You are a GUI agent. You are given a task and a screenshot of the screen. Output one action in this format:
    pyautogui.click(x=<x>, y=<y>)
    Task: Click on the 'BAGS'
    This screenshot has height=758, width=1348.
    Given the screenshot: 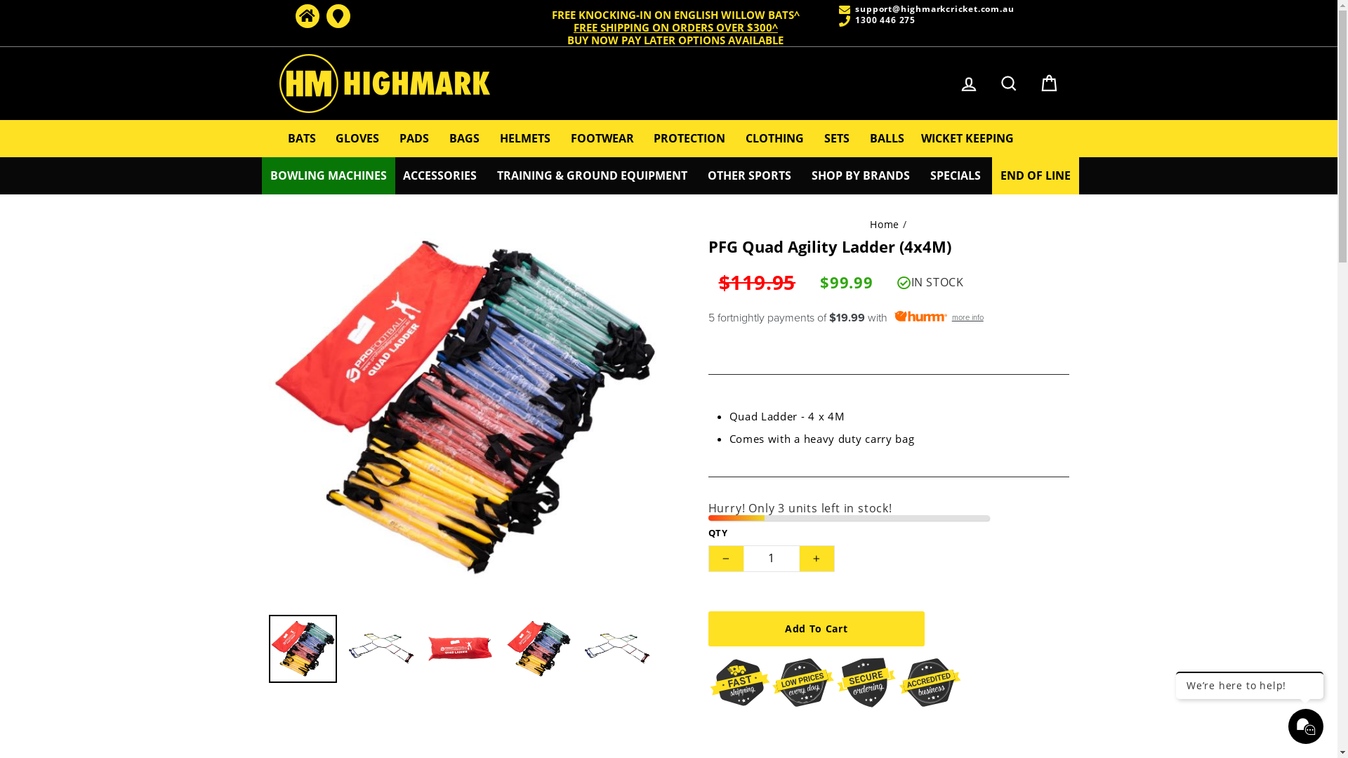 What is the action you would take?
    pyautogui.click(x=464, y=138)
    